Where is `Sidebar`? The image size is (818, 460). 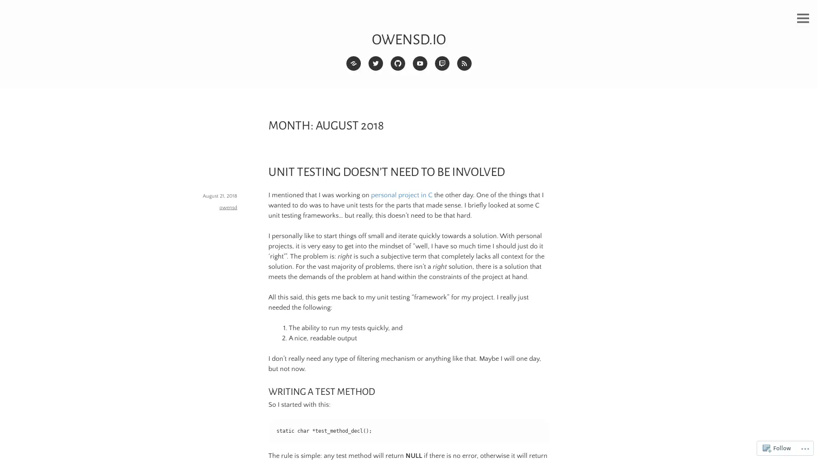 Sidebar is located at coordinates (803, 18).